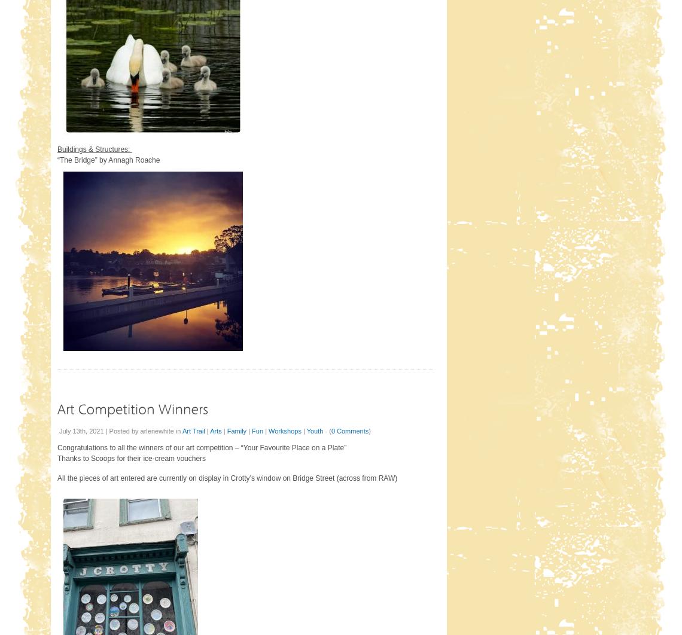  Describe the element at coordinates (156, 431) in the screenshot. I see `'arlenewhite'` at that location.